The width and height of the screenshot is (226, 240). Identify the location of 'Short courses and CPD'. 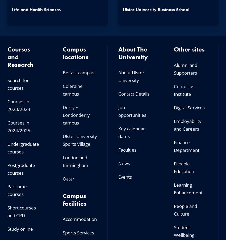
(21, 211).